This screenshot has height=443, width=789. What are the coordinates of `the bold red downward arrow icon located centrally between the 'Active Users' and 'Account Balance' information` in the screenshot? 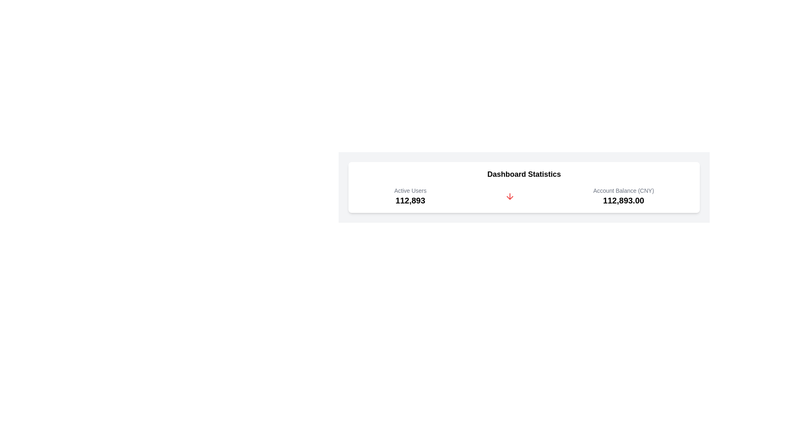 It's located at (509, 196).